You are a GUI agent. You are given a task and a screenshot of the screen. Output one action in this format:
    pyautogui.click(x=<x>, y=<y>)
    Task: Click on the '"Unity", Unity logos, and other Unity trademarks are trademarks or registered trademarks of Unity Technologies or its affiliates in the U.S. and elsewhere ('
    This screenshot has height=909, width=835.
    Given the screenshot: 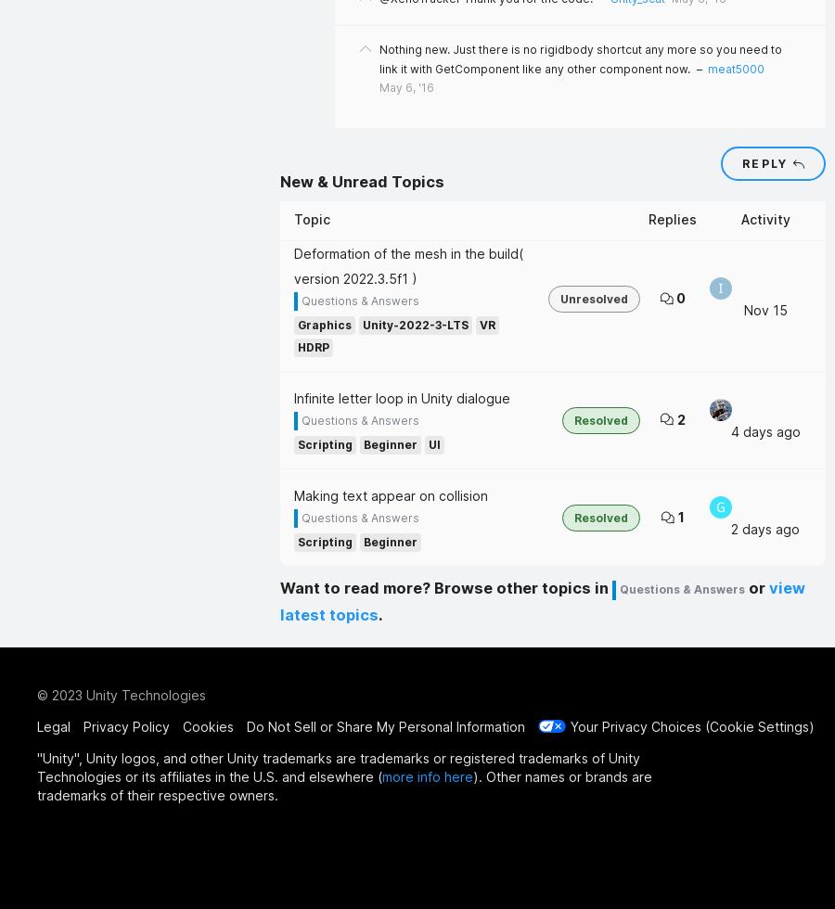 What is the action you would take?
    pyautogui.click(x=339, y=766)
    